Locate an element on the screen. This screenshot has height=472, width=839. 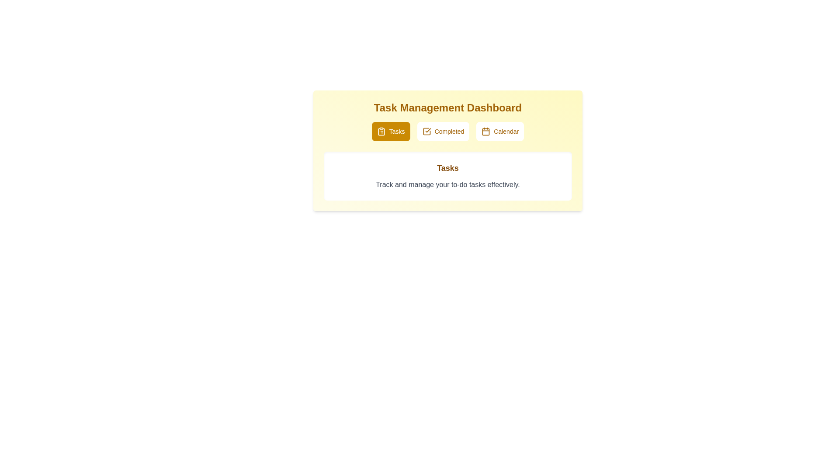
the text area to select the text is located at coordinates (448, 176).